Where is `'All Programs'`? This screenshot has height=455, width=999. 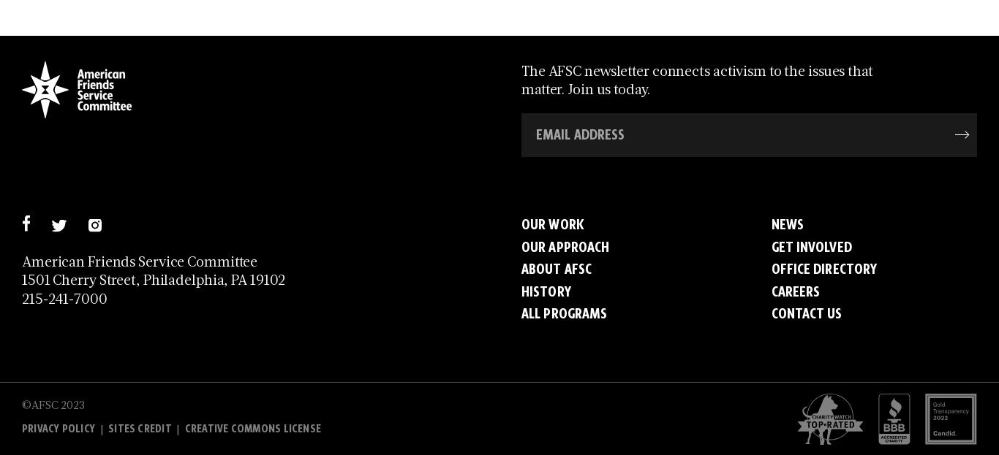 'All Programs' is located at coordinates (564, 313).